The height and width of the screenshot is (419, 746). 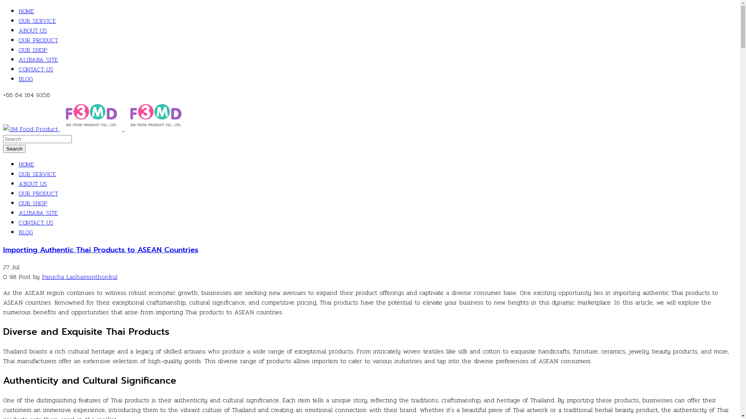 I want to click on 'OUR SERVICE', so click(x=37, y=20).